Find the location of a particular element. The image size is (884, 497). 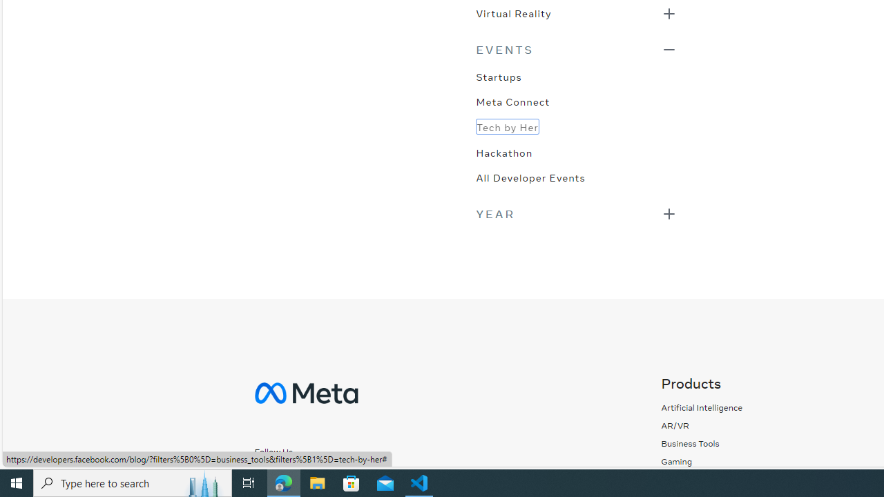

'All Developer Events' is located at coordinates (530, 175).